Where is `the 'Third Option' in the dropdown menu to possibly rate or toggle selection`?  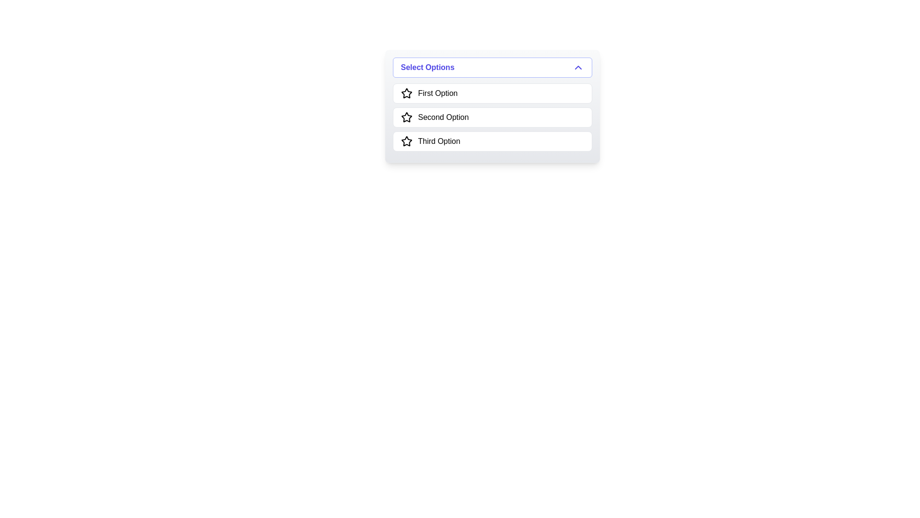 the 'Third Option' in the dropdown menu to possibly rate or toggle selection is located at coordinates (492, 141).